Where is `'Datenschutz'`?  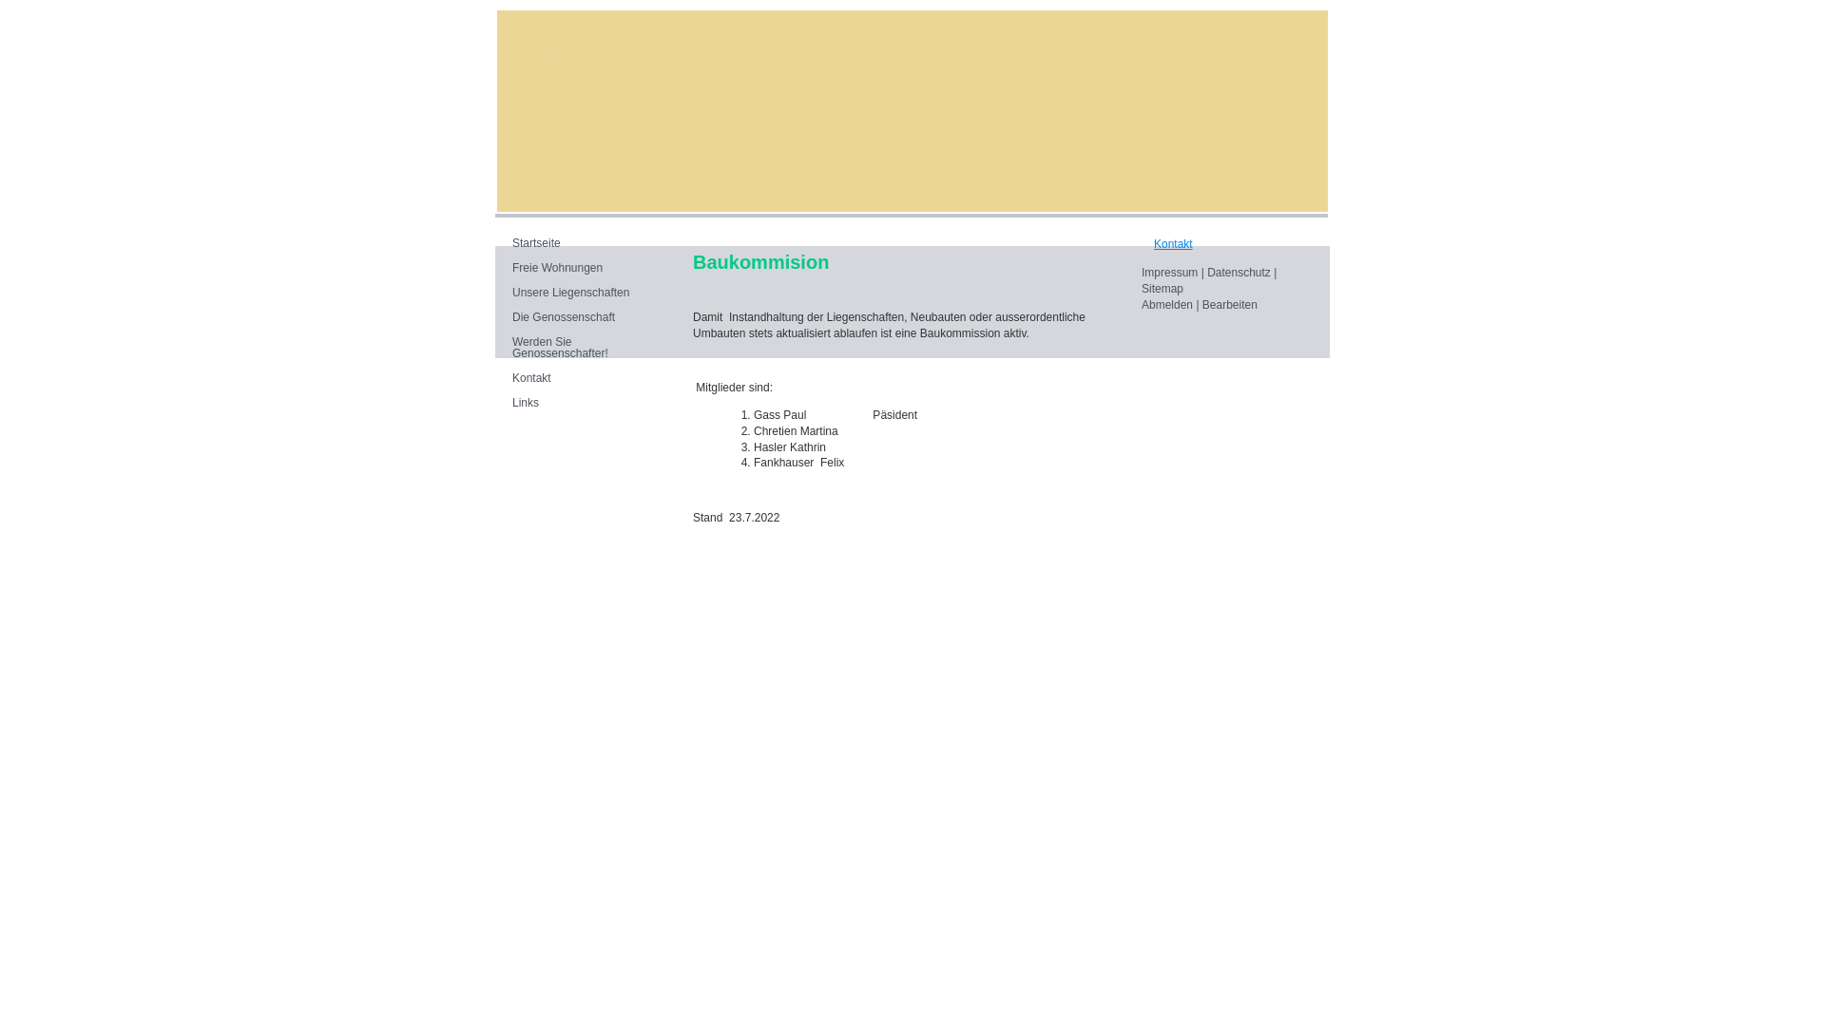
'Datenschutz' is located at coordinates (1239, 272).